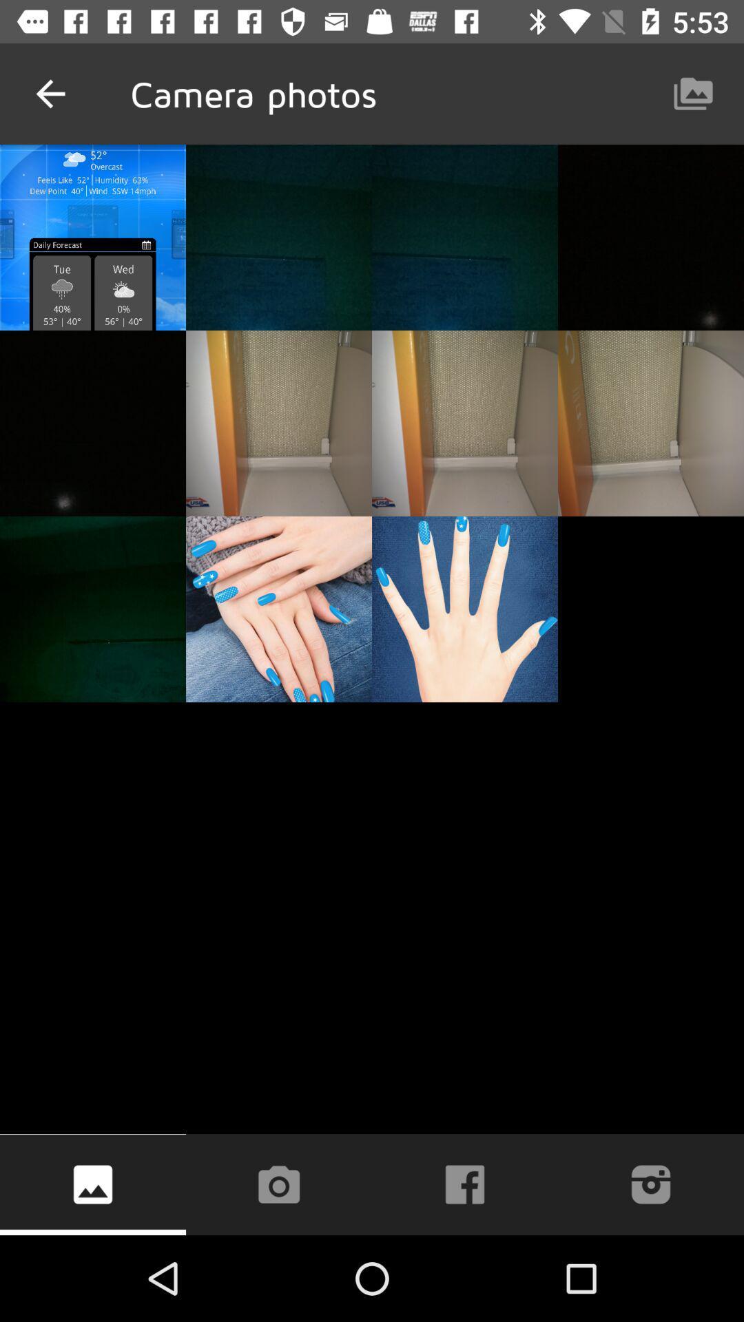  I want to click on item at the bottom left corner, so click(93, 1184).